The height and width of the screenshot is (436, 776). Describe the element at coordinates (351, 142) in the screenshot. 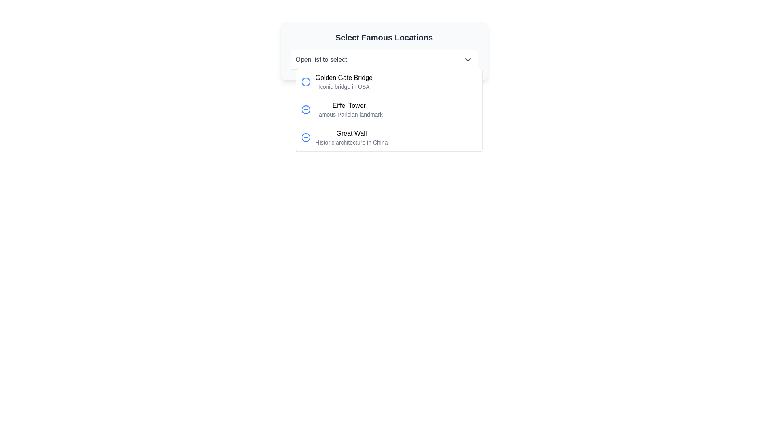

I see `text label displaying 'Historic architecture in China', which is the descriptive text for the 'Great Wall' in the dropdown list` at that location.